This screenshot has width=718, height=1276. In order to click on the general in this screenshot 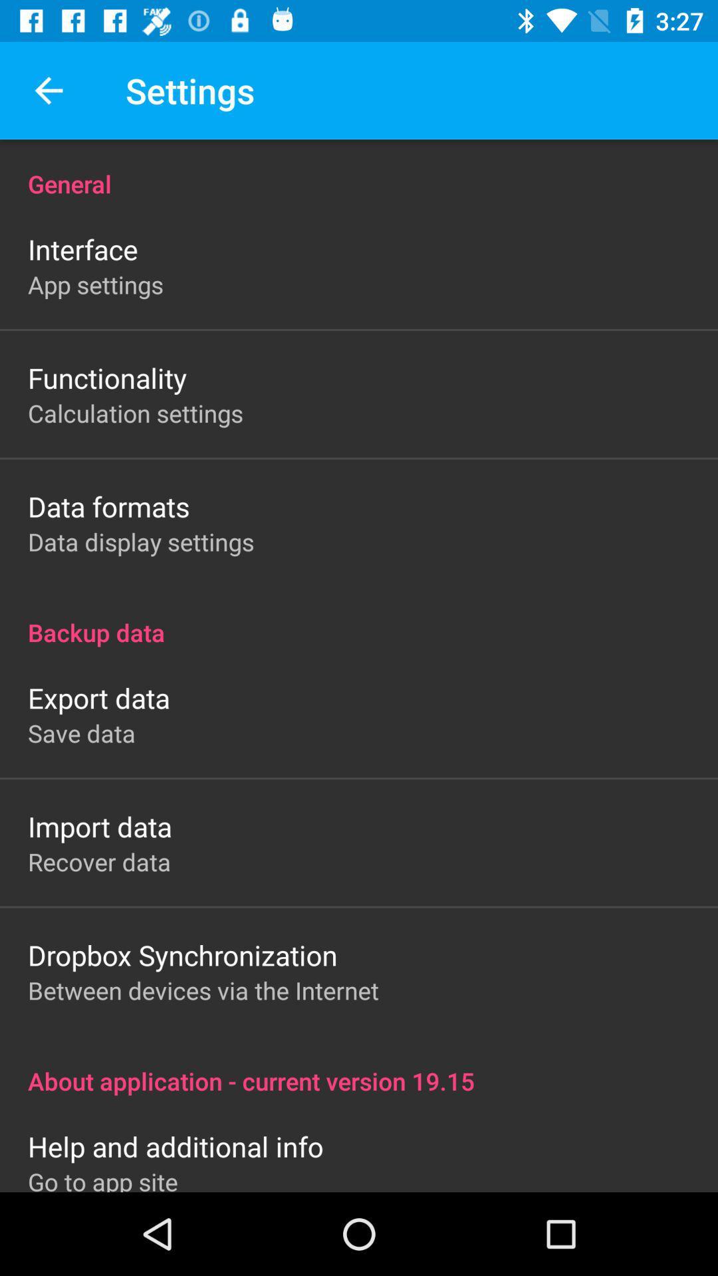, I will do `click(359, 169)`.